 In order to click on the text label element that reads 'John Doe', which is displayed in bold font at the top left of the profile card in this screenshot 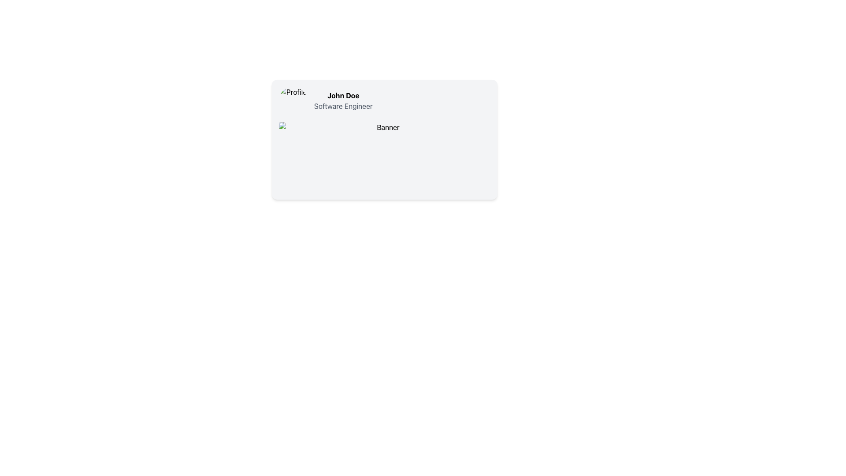, I will do `click(343, 95)`.